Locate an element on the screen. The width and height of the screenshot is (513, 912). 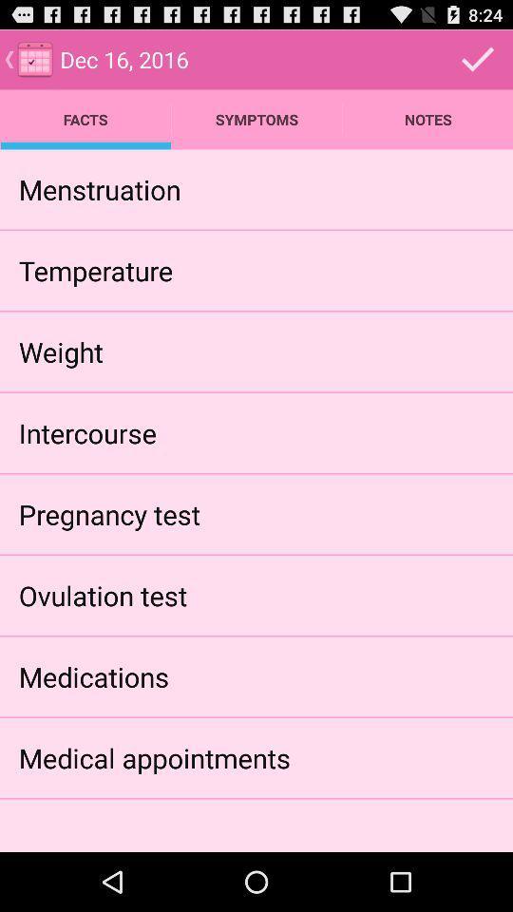
notes is located at coordinates (427, 119).